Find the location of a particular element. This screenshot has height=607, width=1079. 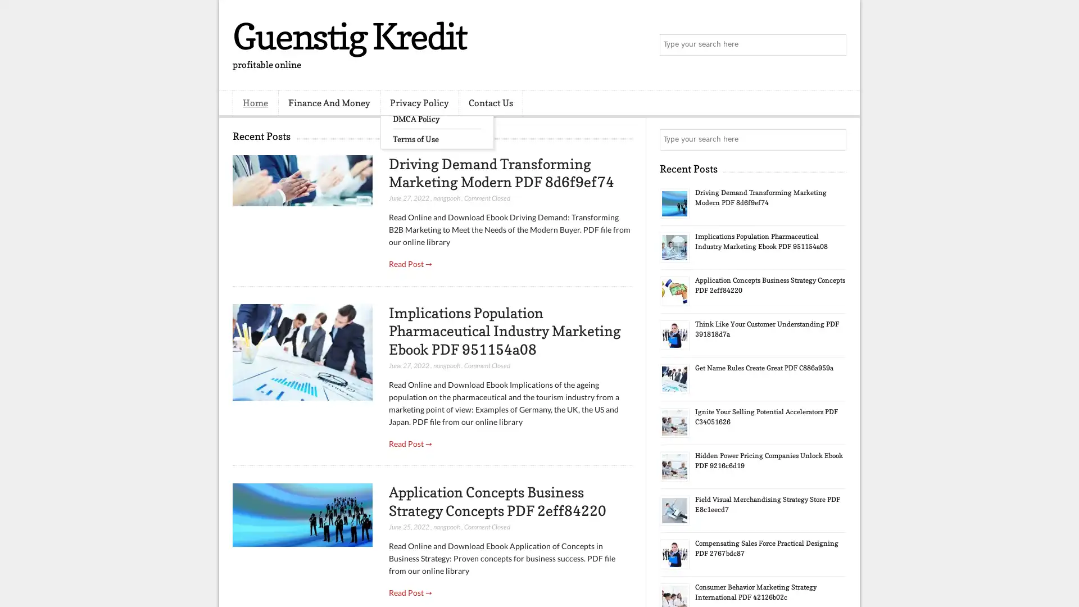

Search is located at coordinates (835, 139).